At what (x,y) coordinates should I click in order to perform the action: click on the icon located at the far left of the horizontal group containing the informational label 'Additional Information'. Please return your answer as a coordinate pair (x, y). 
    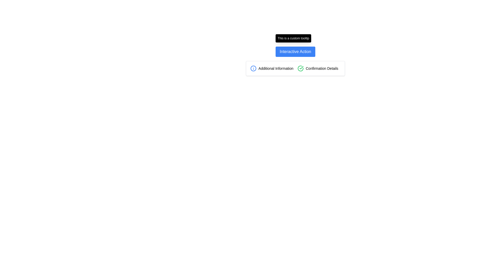
    Looking at the image, I should click on (253, 68).